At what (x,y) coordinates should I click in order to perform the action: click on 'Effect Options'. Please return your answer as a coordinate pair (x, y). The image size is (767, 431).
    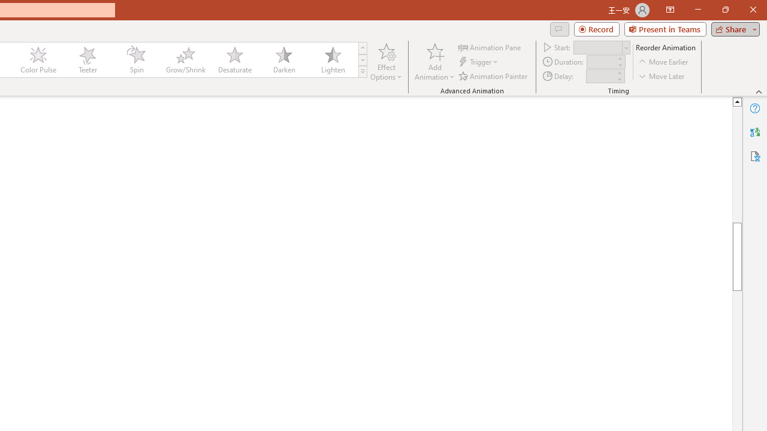
    Looking at the image, I should click on (386, 62).